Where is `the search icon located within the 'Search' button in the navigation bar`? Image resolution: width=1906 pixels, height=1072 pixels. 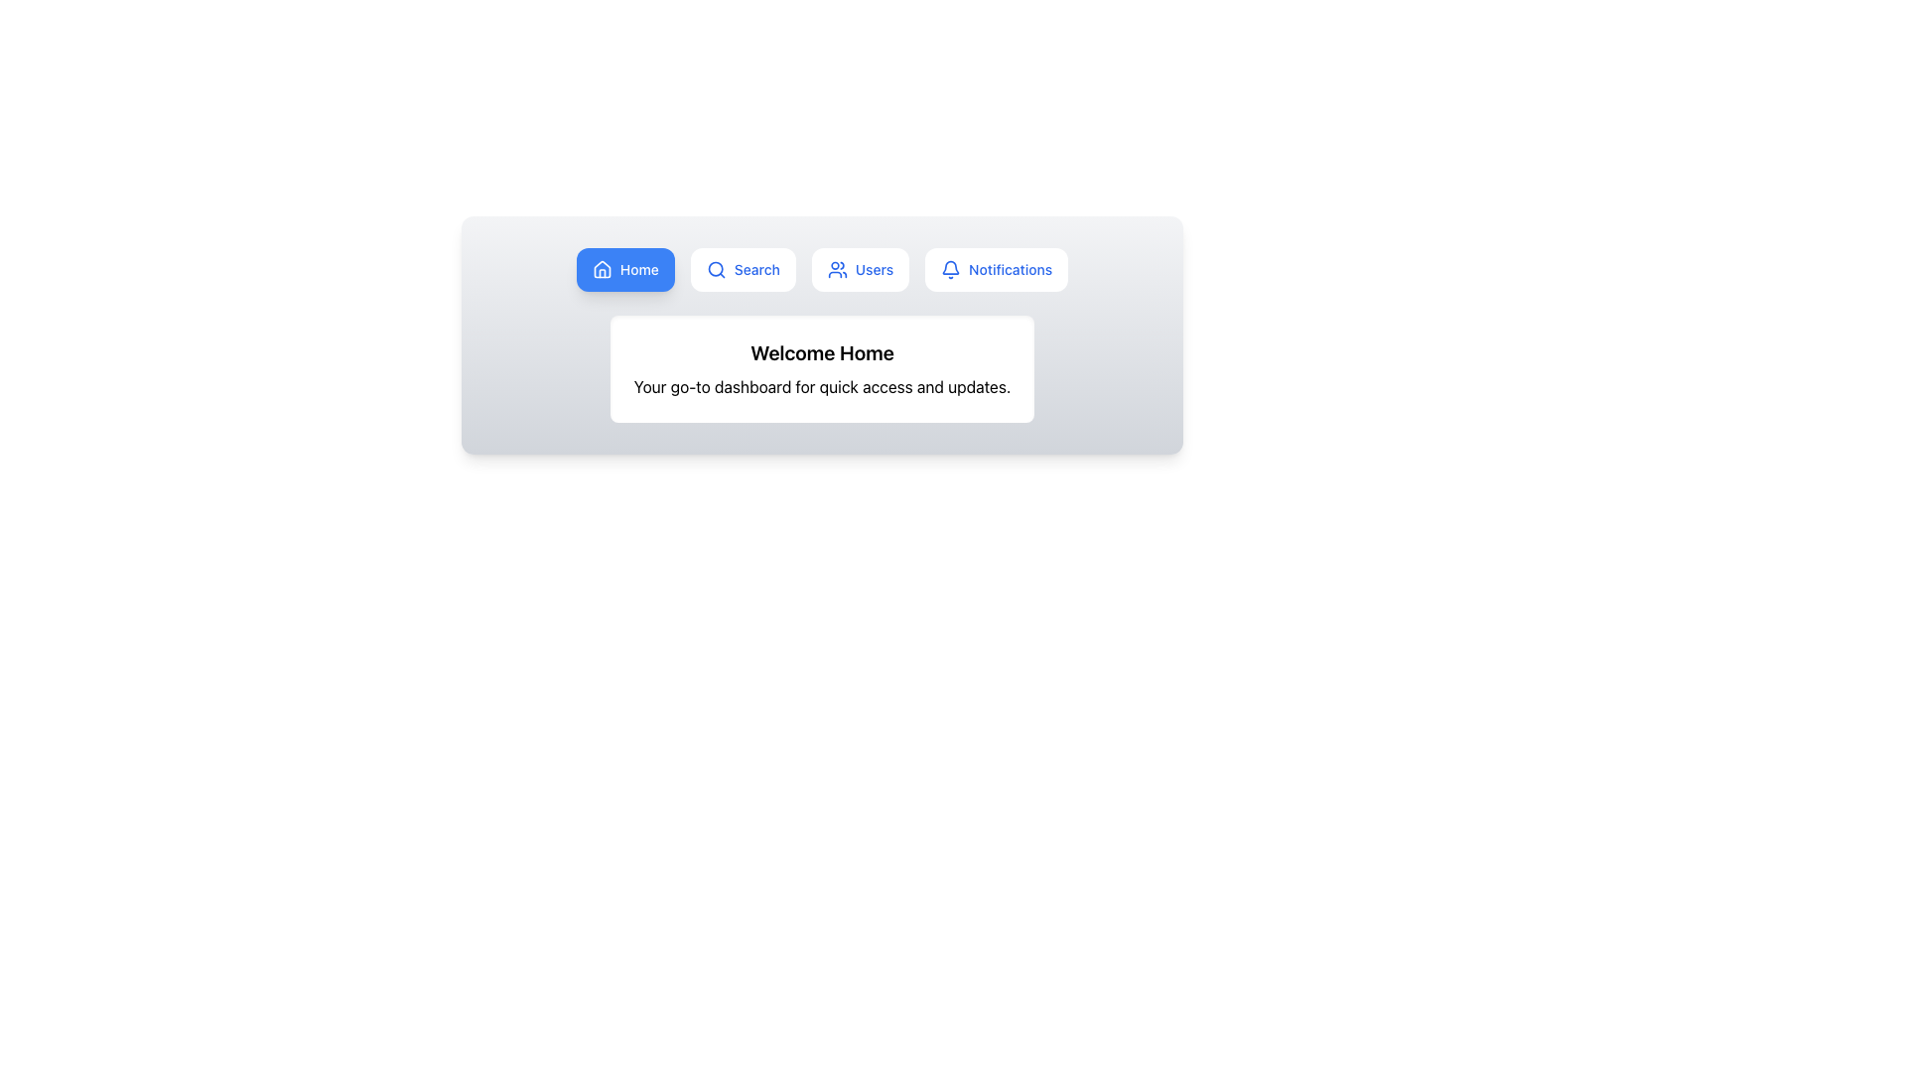 the search icon located within the 'Search' button in the navigation bar is located at coordinates (715, 270).